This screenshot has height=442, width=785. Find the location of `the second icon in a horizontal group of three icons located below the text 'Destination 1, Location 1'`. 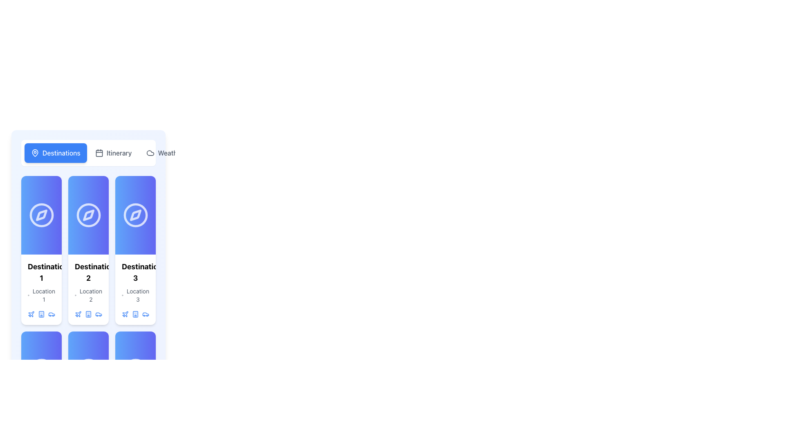

the second icon in a horizontal group of three icons located below the text 'Destination 1, Location 1' is located at coordinates (41, 313).